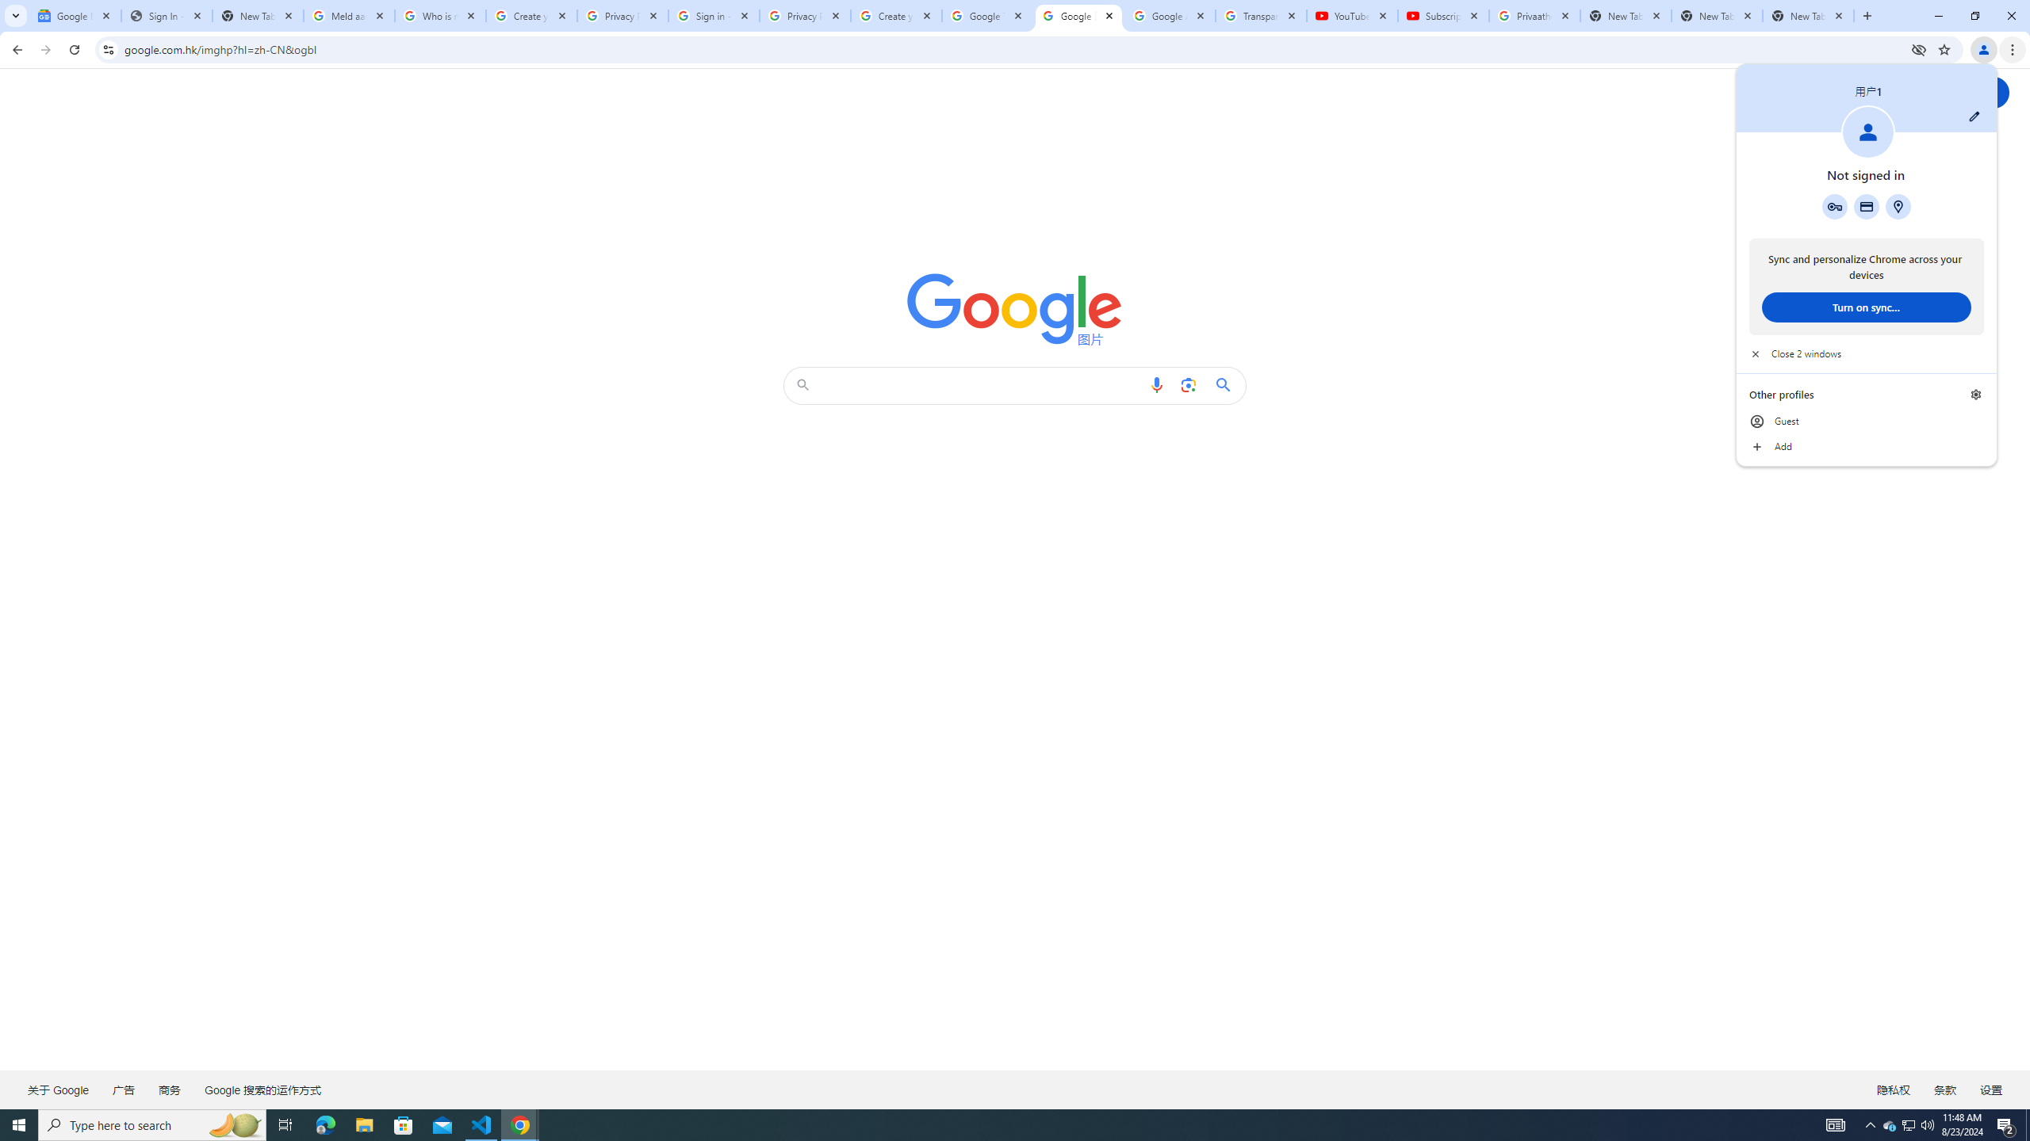  Describe the element at coordinates (1836, 1124) in the screenshot. I see `'AutomationID: 4105'` at that location.